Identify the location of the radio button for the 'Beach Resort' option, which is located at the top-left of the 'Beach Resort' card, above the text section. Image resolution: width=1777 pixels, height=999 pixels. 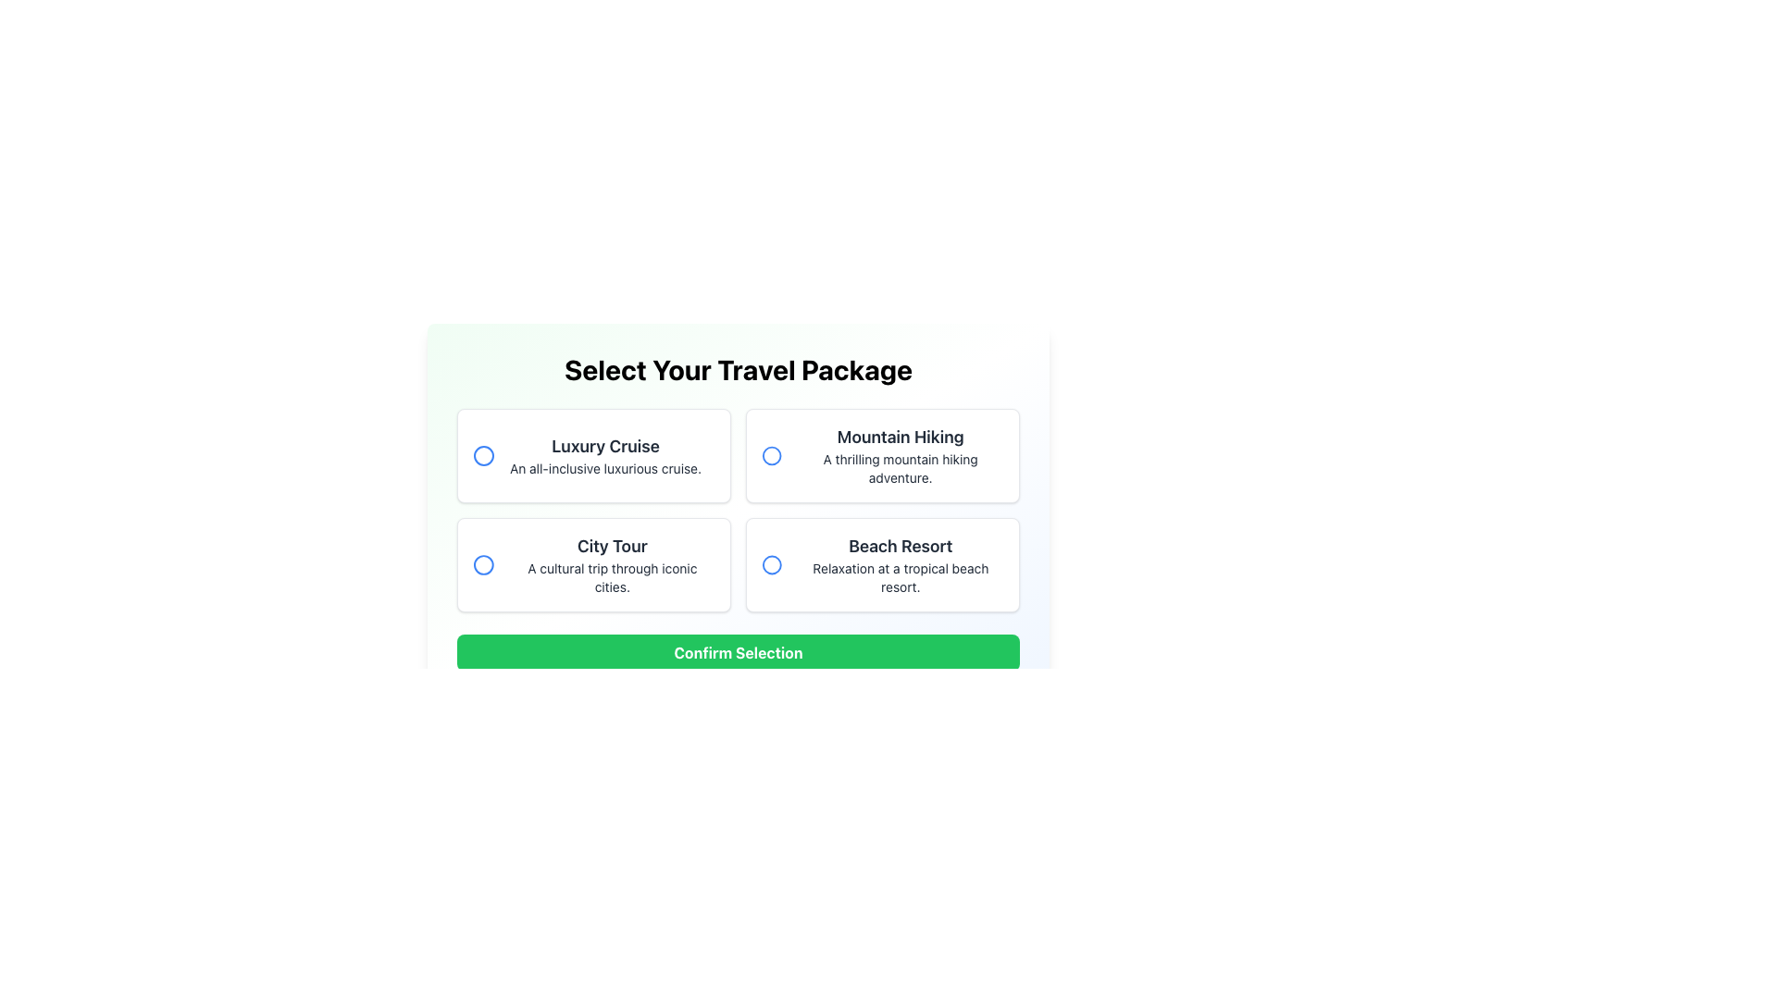
(772, 563).